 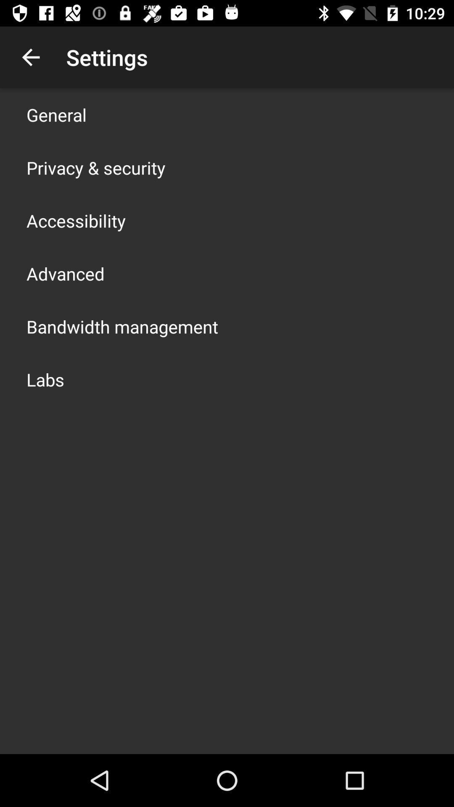 I want to click on item to the left of the settings, so click(x=30, y=57).